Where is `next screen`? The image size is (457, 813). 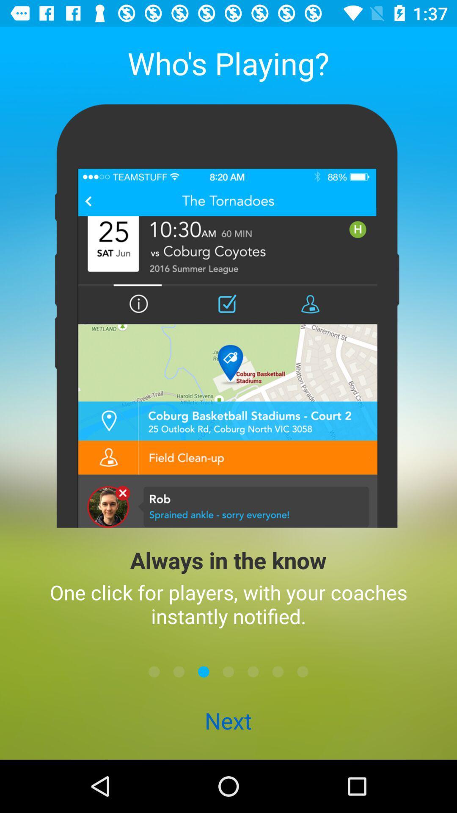 next screen is located at coordinates (302, 671).